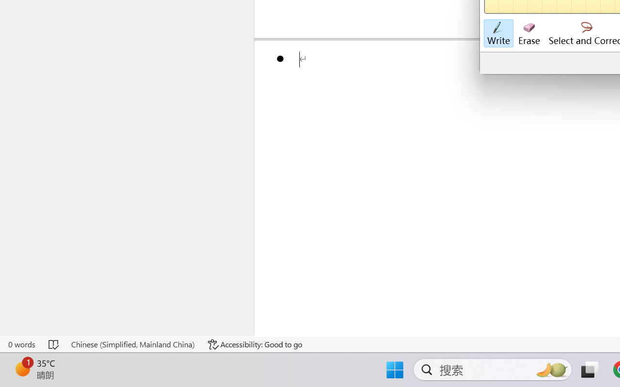 The width and height of the screenshot is (620, 387). Describe the element at coordinates (498, 33) in the screenshot. I see `'Write'` at that location.